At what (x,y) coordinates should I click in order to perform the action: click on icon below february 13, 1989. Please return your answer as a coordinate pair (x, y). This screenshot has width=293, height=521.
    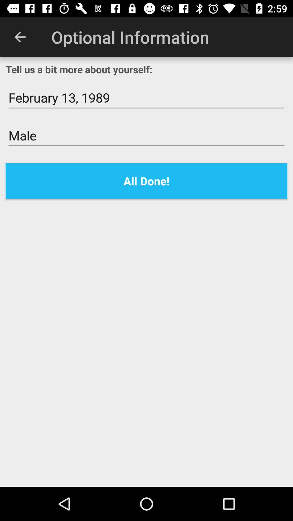
    Looking at the image, I should click on (146, 136).